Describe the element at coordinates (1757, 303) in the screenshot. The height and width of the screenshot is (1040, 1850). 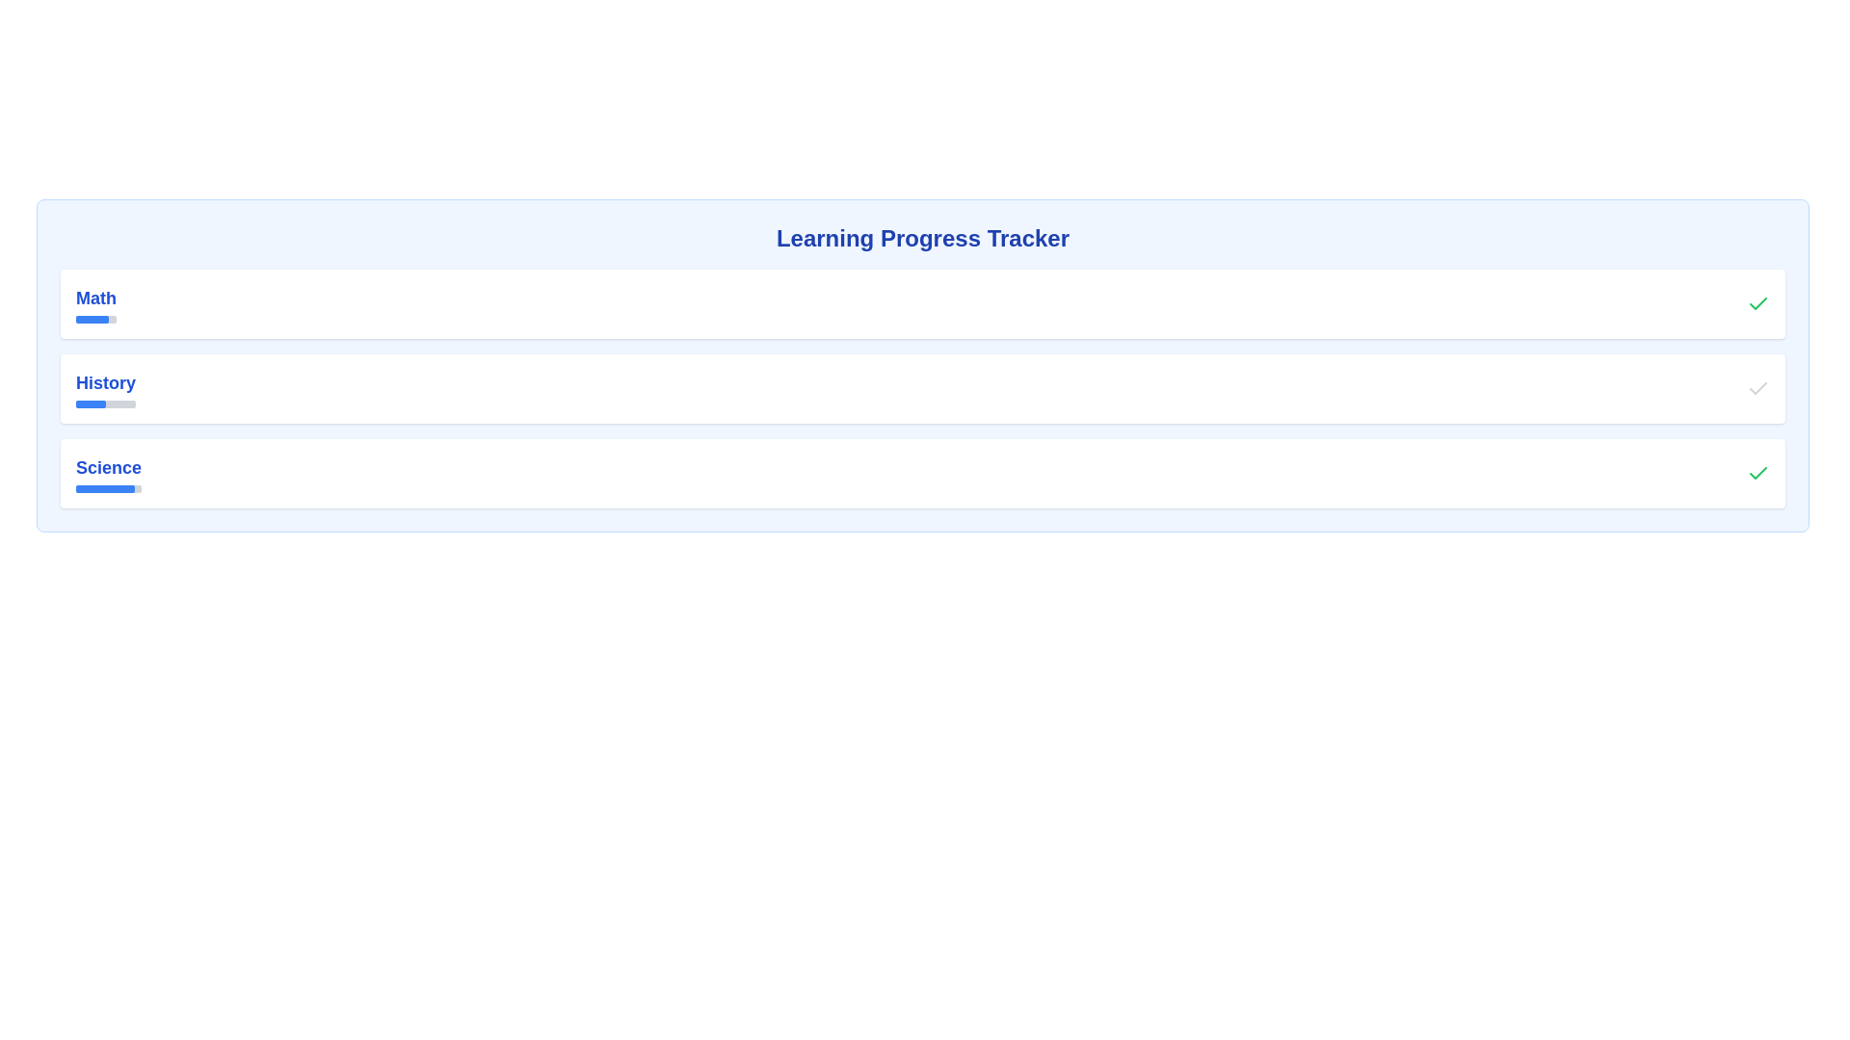
I see `the green completion indicator icon located in the top-right corner of the 'Math' subject card, which signals the successful completion of the subject` at that location.